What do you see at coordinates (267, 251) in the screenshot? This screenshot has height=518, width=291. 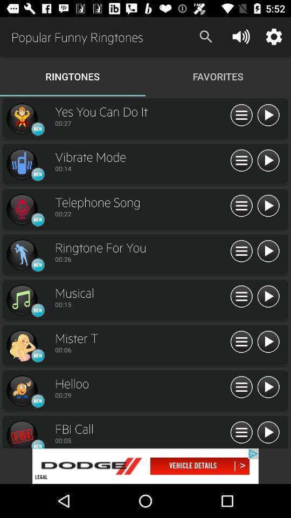 I see `user` at bounding box center [267, 251].